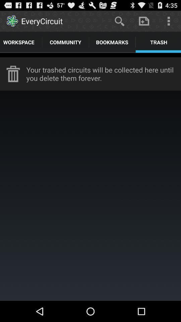  Describe the element at coordinates (119, 21) in the screenshot. I see `item next to the everycircuit app` at that location.